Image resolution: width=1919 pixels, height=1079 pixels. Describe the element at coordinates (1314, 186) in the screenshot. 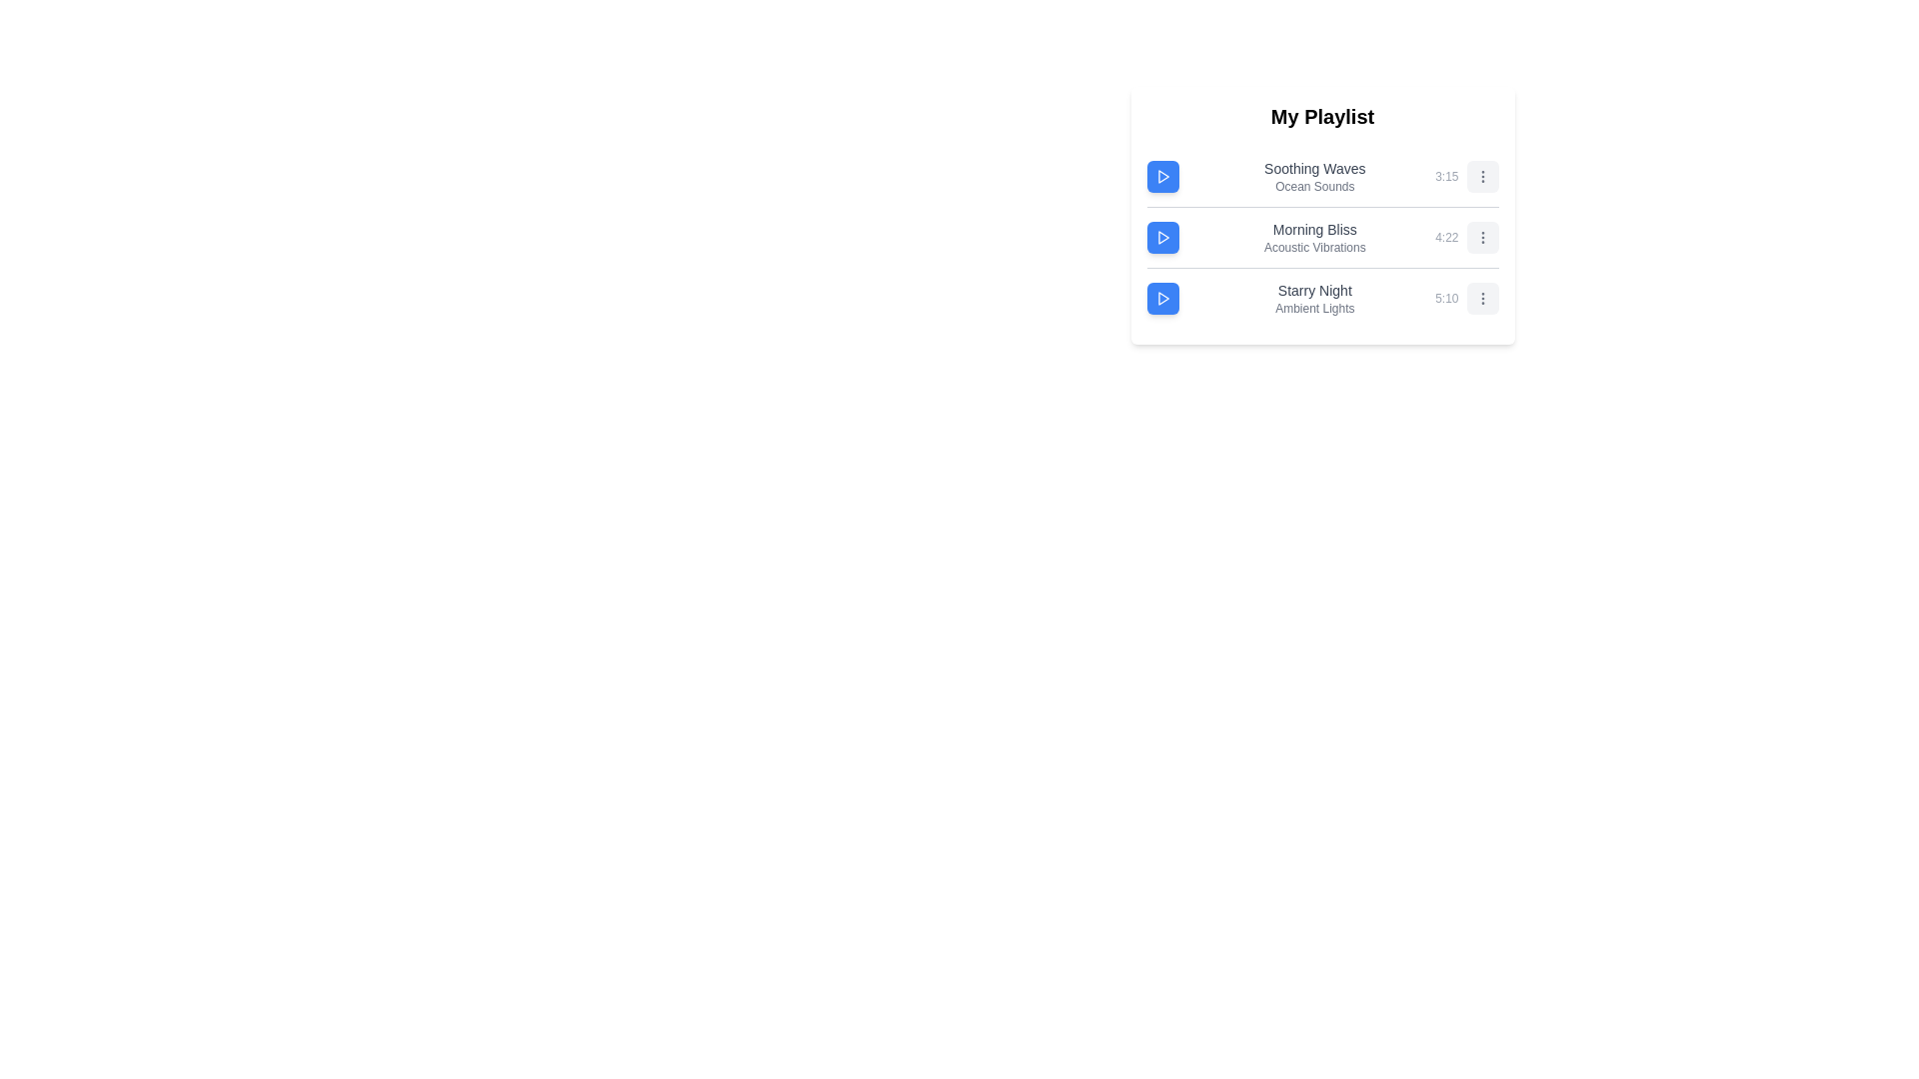

I see `the text label reading 'Ocean Sounds' located in the 'My Playlist' section, below 'Soothing Waves' and to the right of the play button icon` at that location.